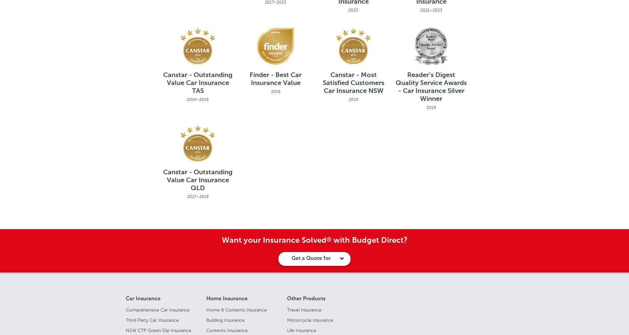 The width and height of the screenshot is (629, 335). Describe the element at coordinates (198, 99) in the screenshot. I see `'2014–2019'` at that location.